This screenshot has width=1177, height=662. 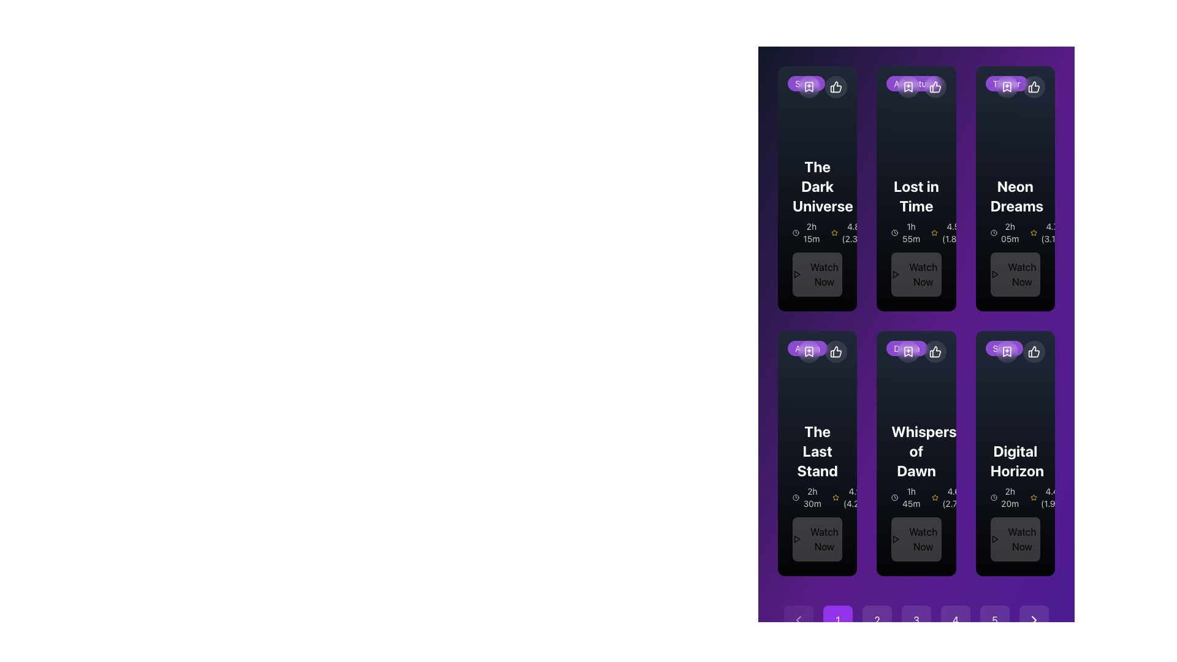 What do you see at coordinates (1021, 352) in the screenshot?
I see `the thumbs-up icon located in the top-right corner of the 'Digital Horizon' card, which represents a 'like' or 'recommend' functionality` at bounding box center [1021, 352].